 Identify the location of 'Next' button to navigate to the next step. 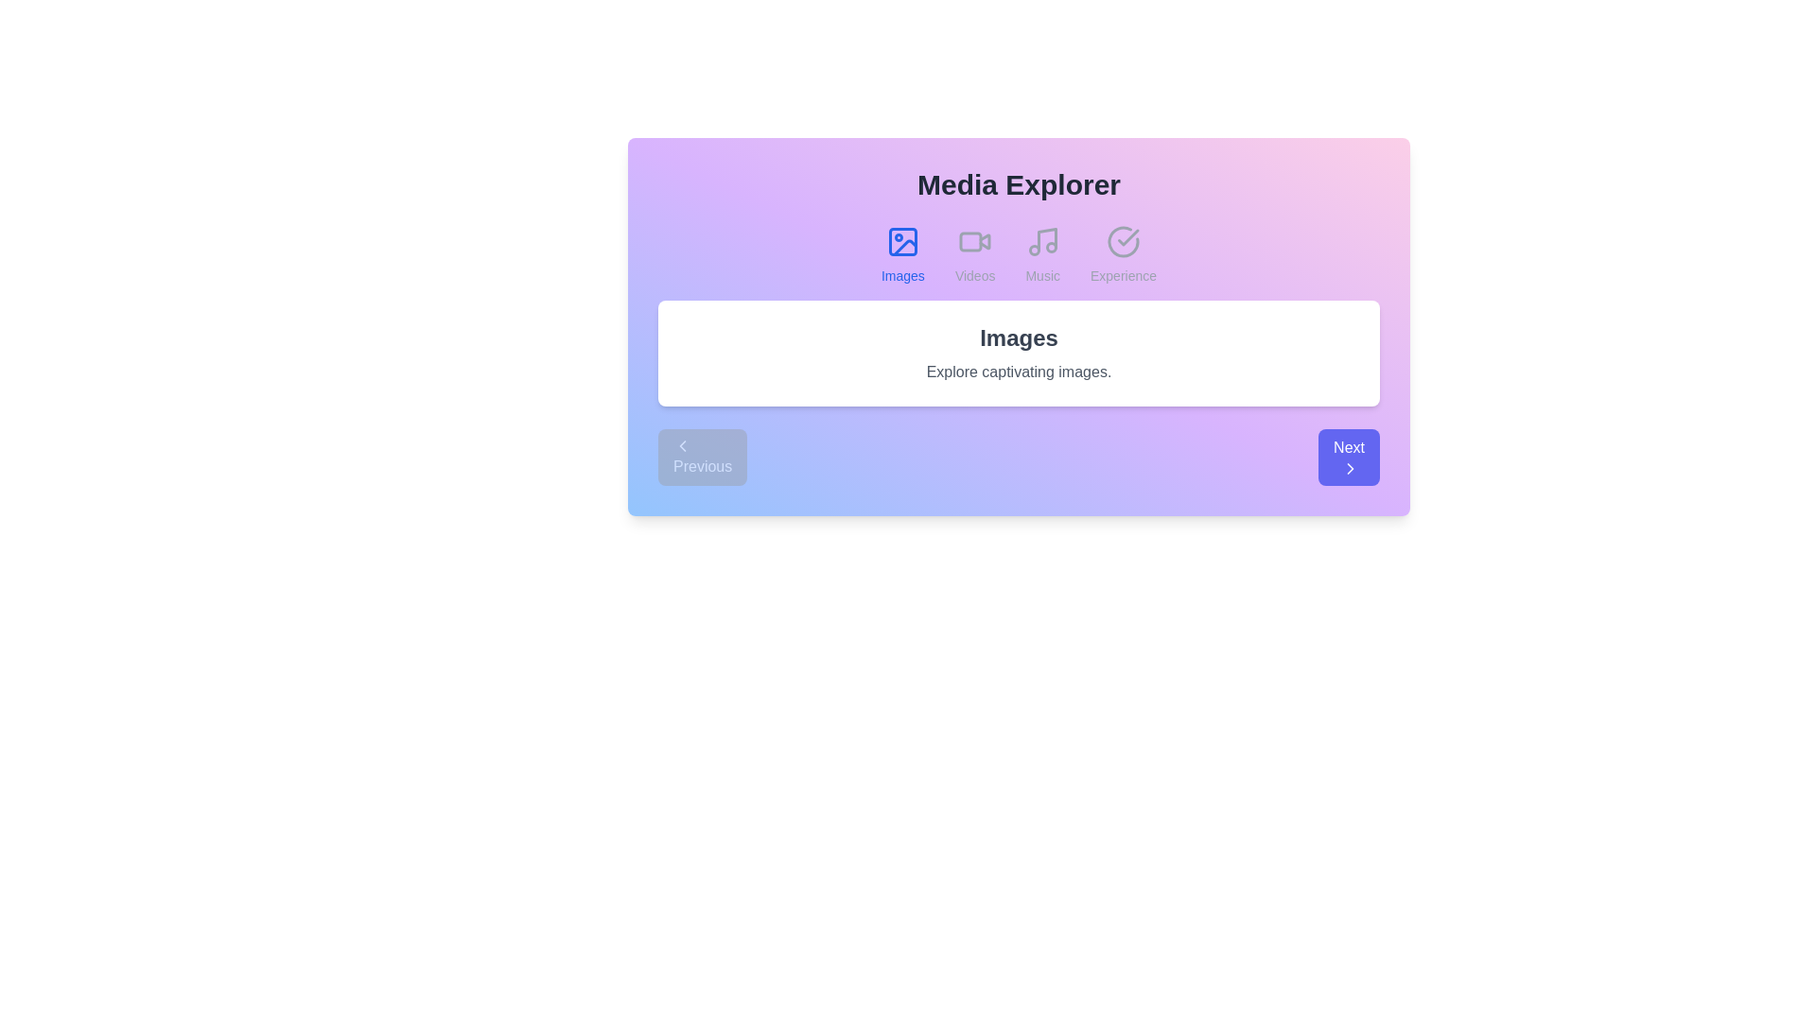
(1347, 457).